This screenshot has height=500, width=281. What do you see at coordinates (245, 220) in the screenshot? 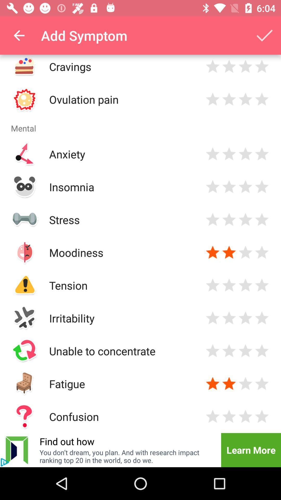
I see `rate by star` at bounding box center [245, 220].